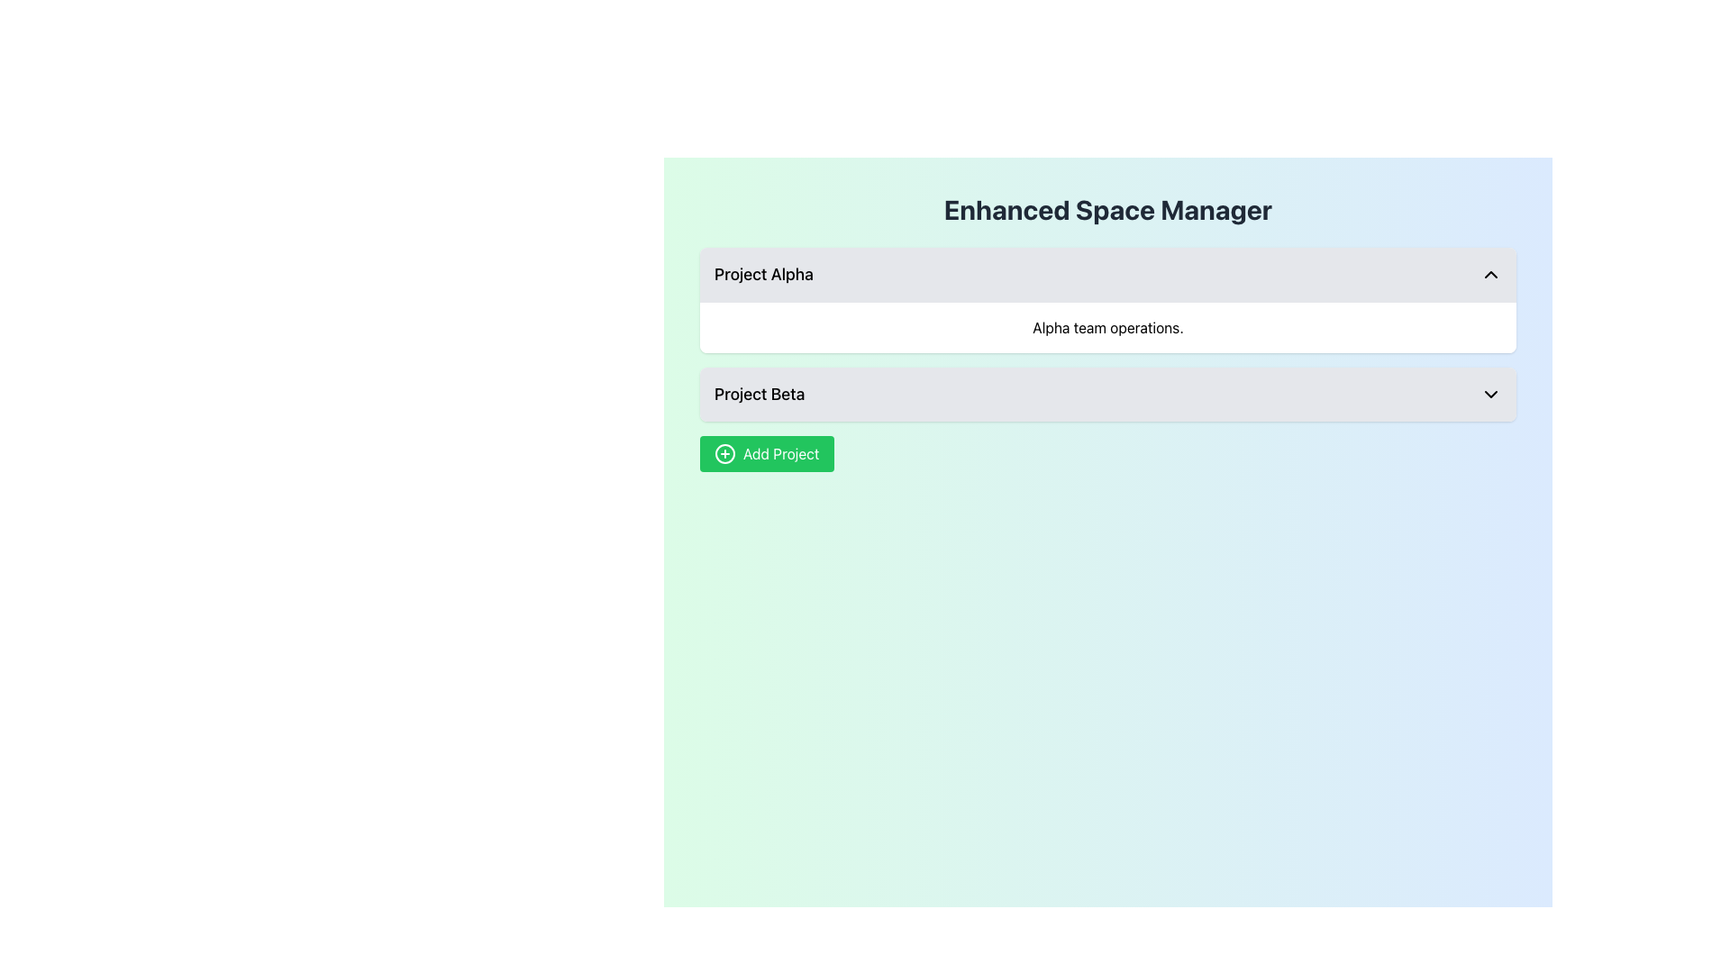  I want to click on the static text element that displays information related to Alpha Team's operations, located directly below the 'Project Alpha' header, so click(1106, 327).